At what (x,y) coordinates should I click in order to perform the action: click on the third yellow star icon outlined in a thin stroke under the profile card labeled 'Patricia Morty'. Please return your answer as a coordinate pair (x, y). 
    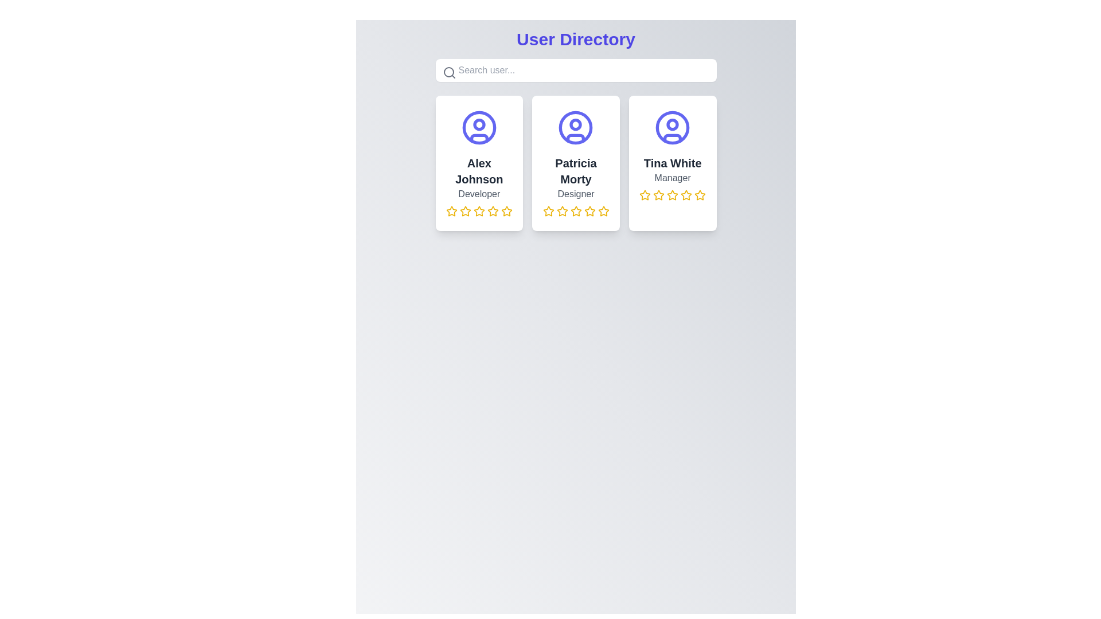
    Looking at the image, I should click on (575, 210).